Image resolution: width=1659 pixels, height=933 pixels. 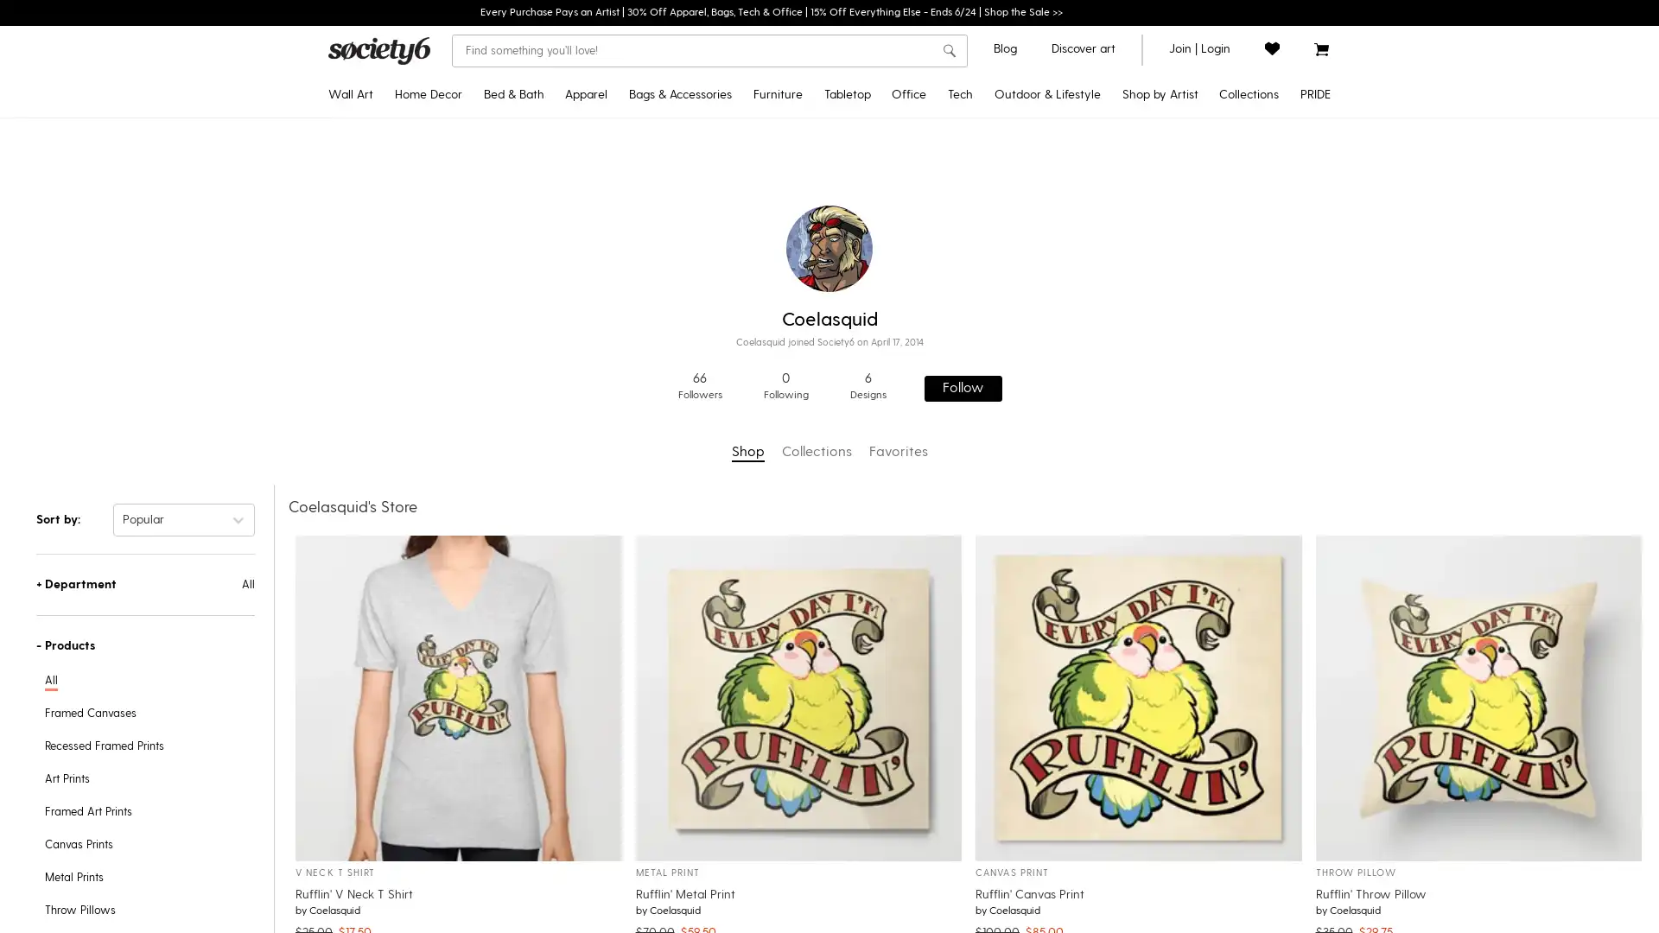 I want to click on search button, so click(x=948, y=51).